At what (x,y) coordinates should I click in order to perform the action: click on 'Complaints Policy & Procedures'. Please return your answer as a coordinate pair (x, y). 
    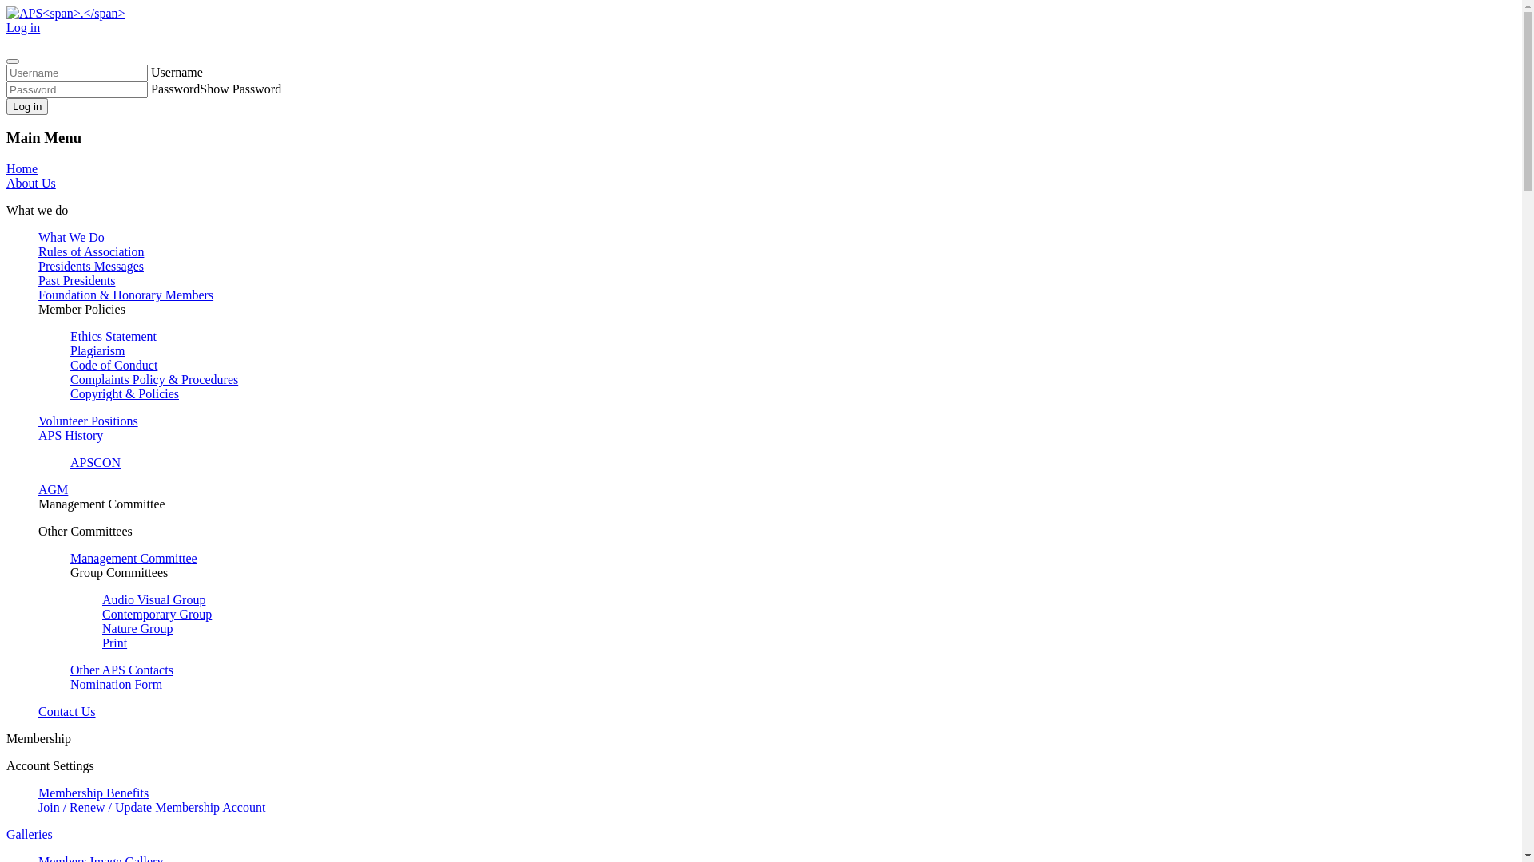
    Looking at the image, I should click on (153, 379).